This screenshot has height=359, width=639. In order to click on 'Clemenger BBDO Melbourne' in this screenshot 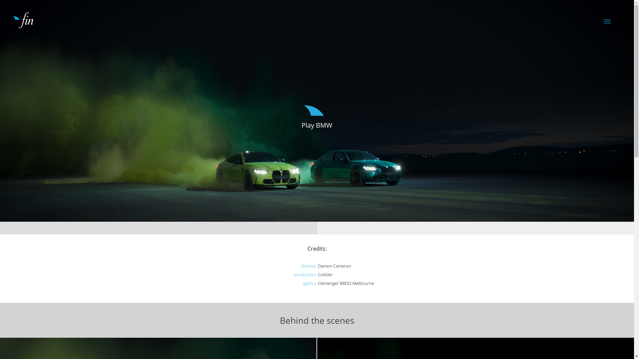, I will do `click(317, 283)`.